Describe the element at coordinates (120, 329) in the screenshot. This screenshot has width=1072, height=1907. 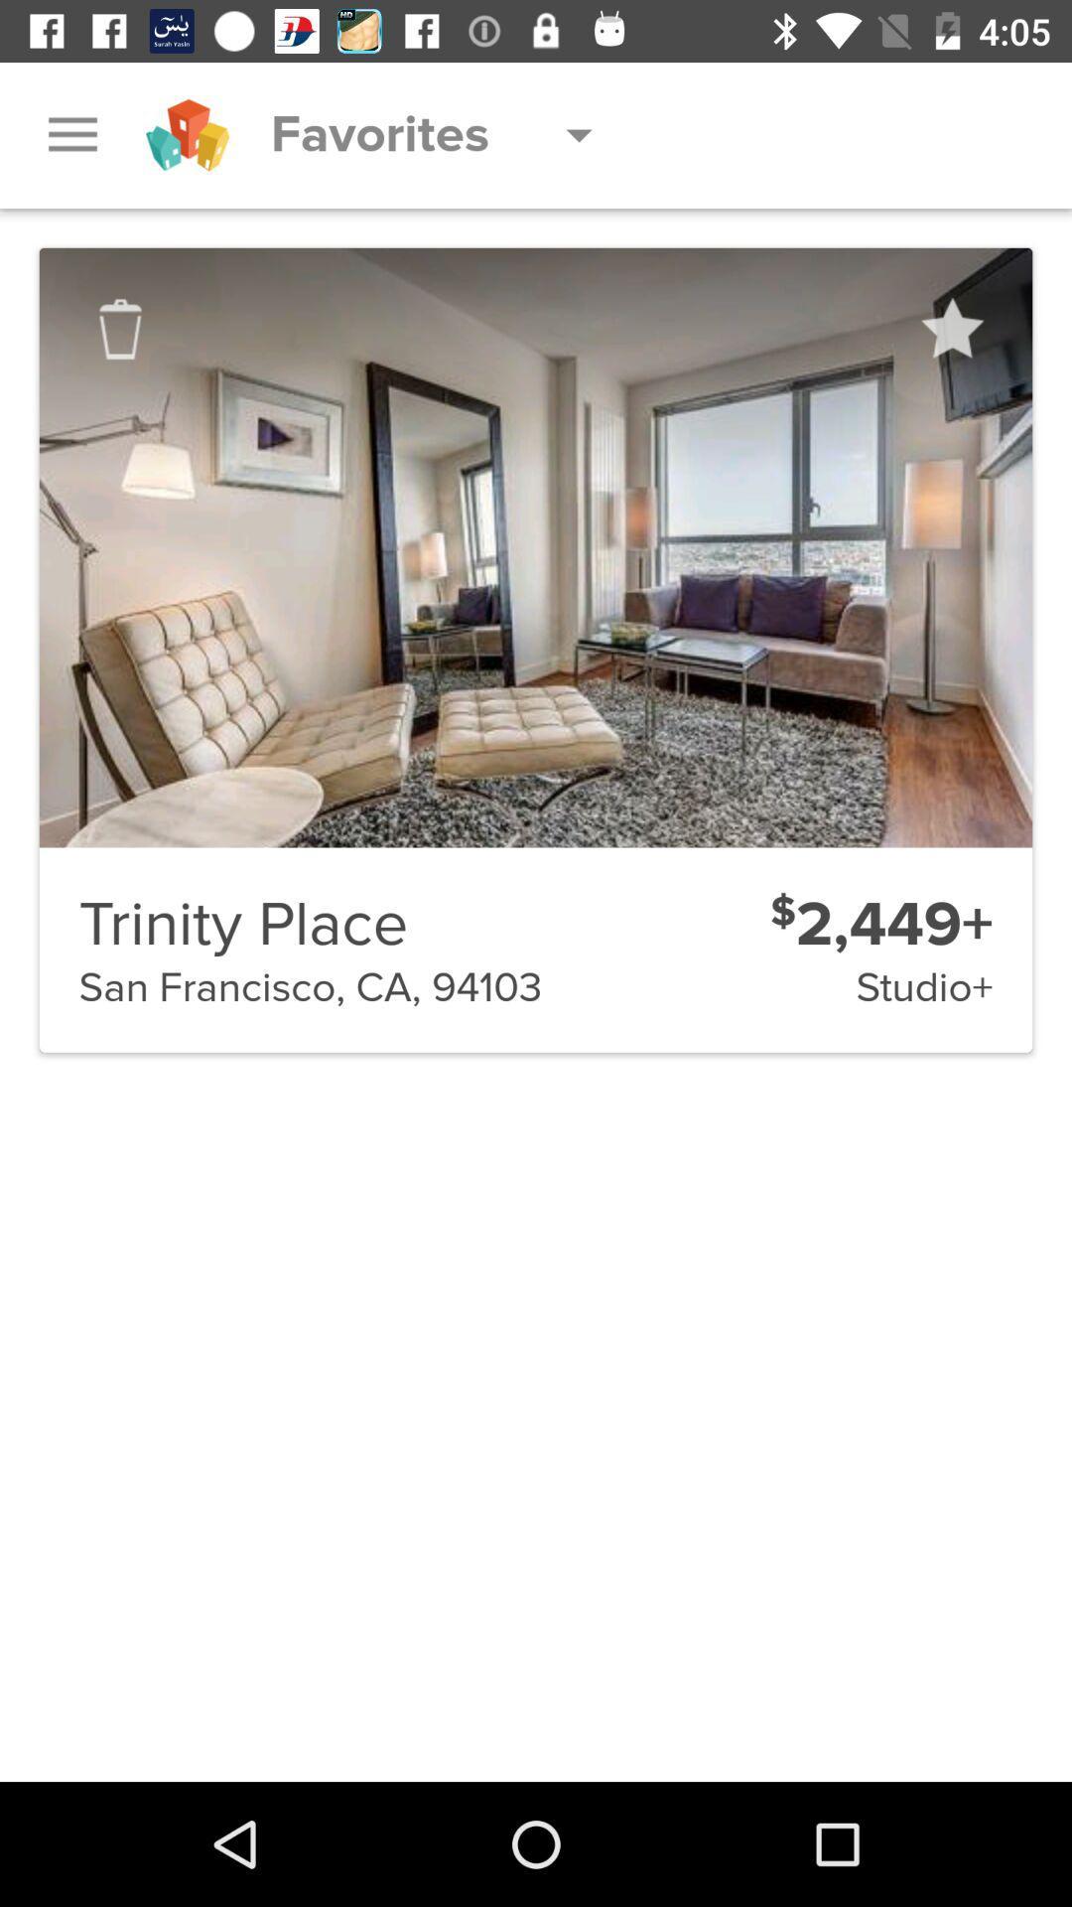
I see `the delete` at that location.